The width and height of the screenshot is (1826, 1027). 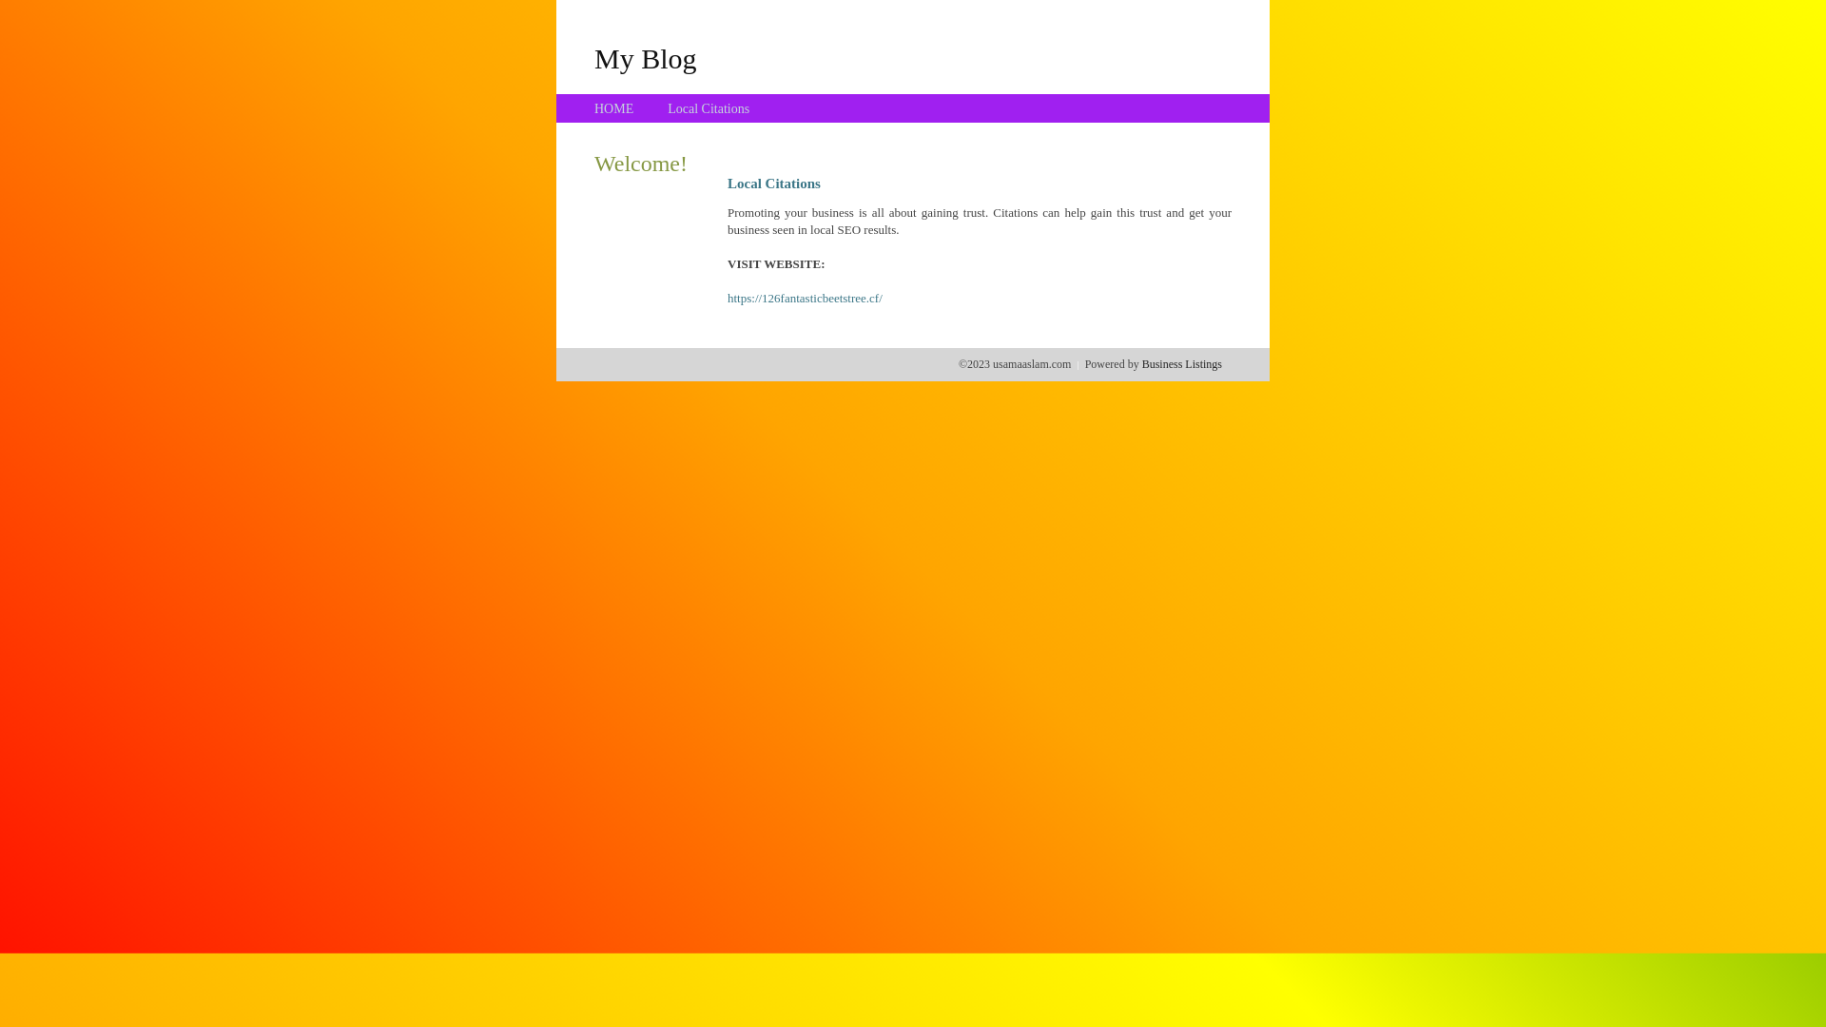 I want to click on 'https://126fantasticbeetstree.cf/', so click(x=726, y=298).